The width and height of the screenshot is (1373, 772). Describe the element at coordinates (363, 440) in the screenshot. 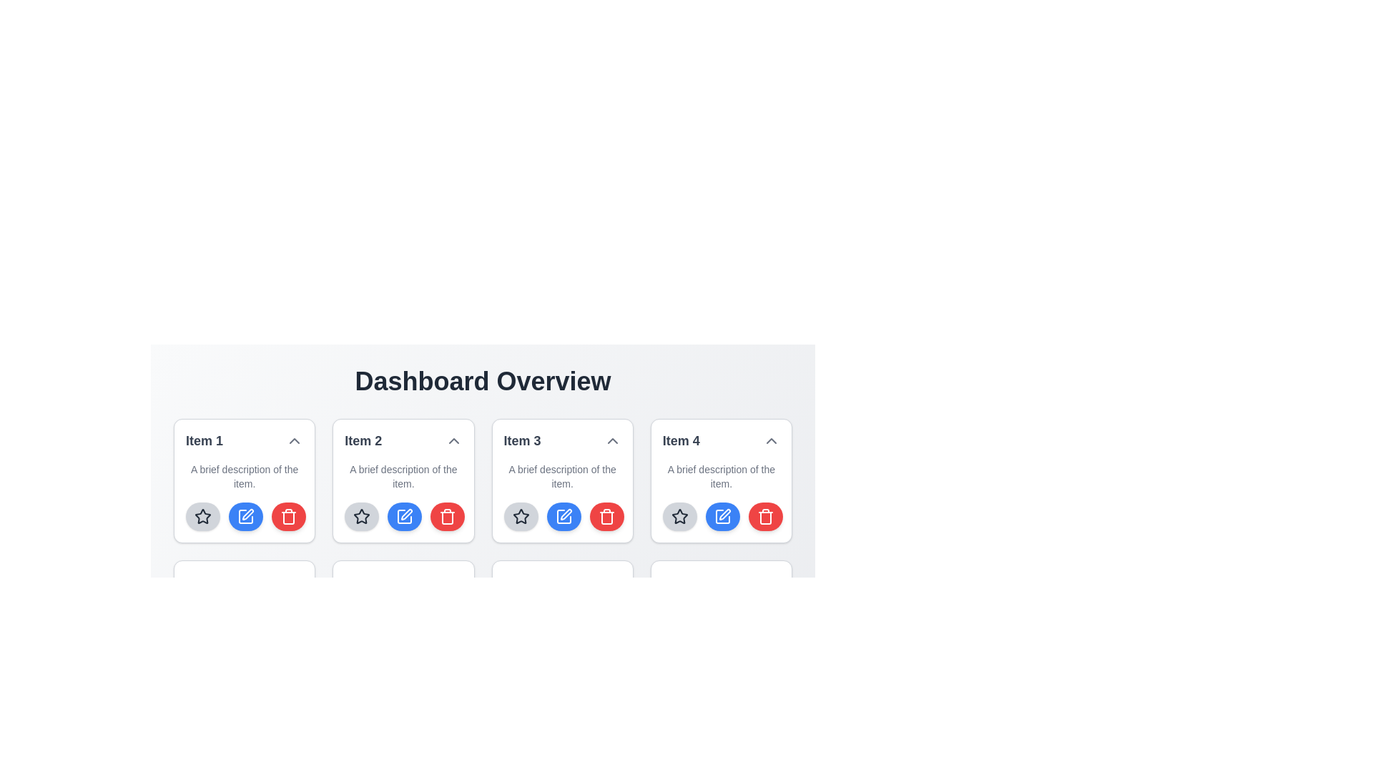

I see `the 'Item 2' text label located at the top-left corner of the second card in the 'Dashboard Overview' interface` at that location.